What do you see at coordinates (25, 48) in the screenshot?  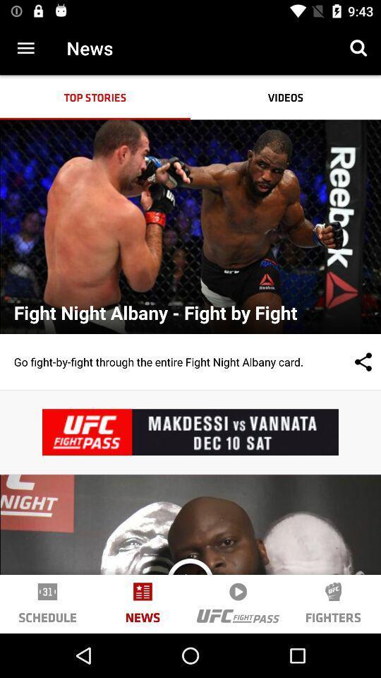 I see `open main menu` at bounding box center [25, 48].